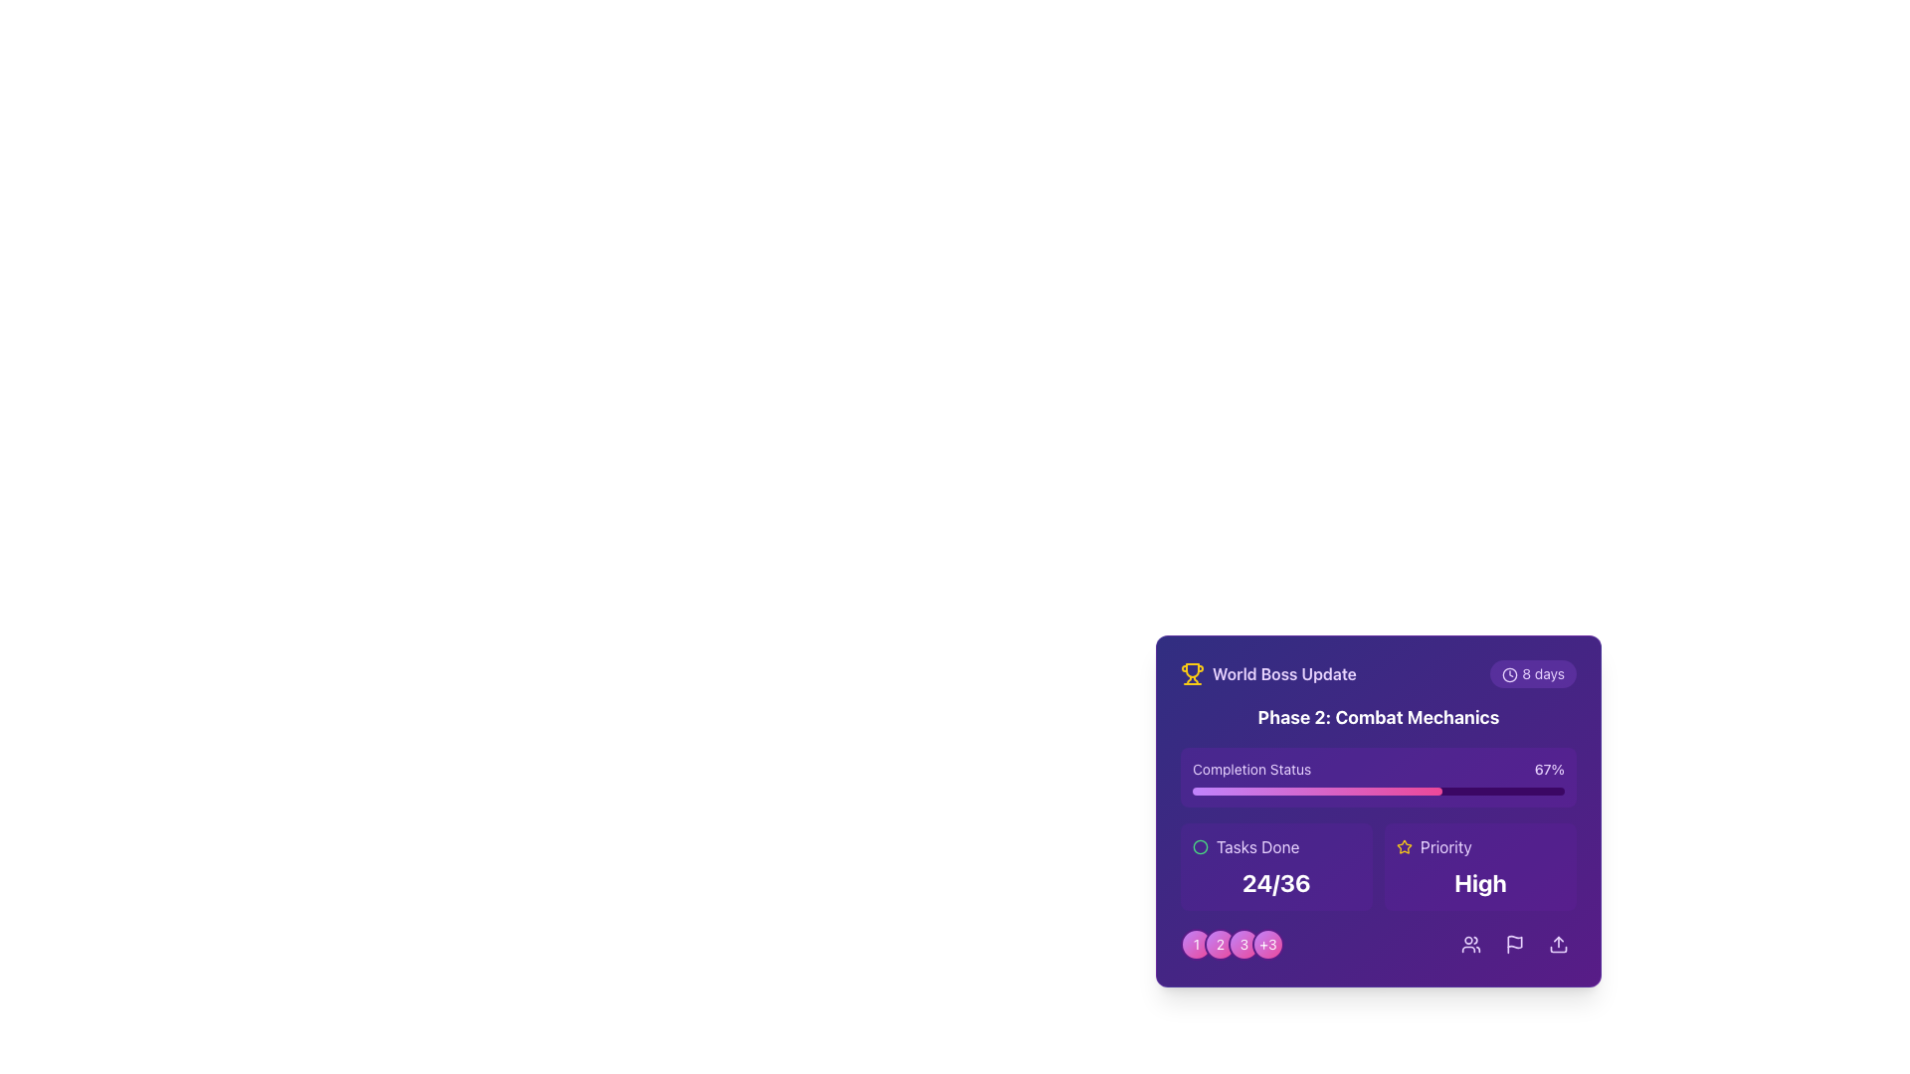  I want to click on numeric percentage value '67%' displayed in bold white font within the purple-themed 'Completion Status' bar located in the bottom-right section of the card interface, so click(1548, 769).